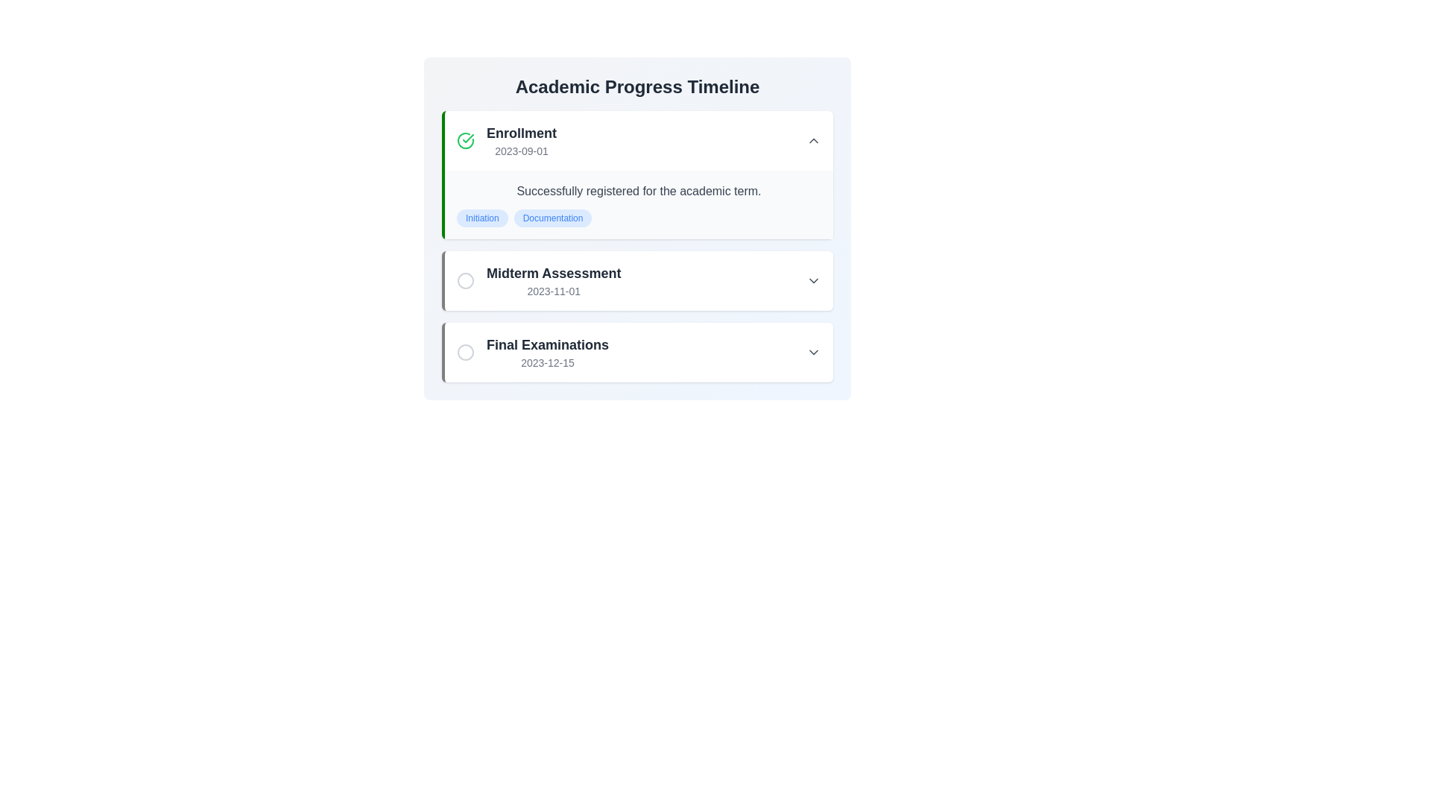 This screenshot has height=805, width=1431. What do you see at coordinates (812, 281) in the screenshot?
I see `the Chevron Down icon located to the far right of the 'Midterm Assessment' section` at bounding box center [812, 281].